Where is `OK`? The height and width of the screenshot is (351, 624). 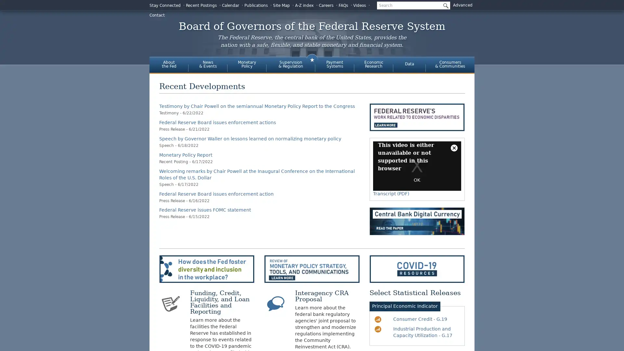
OK is located at coordinates (417, 180).